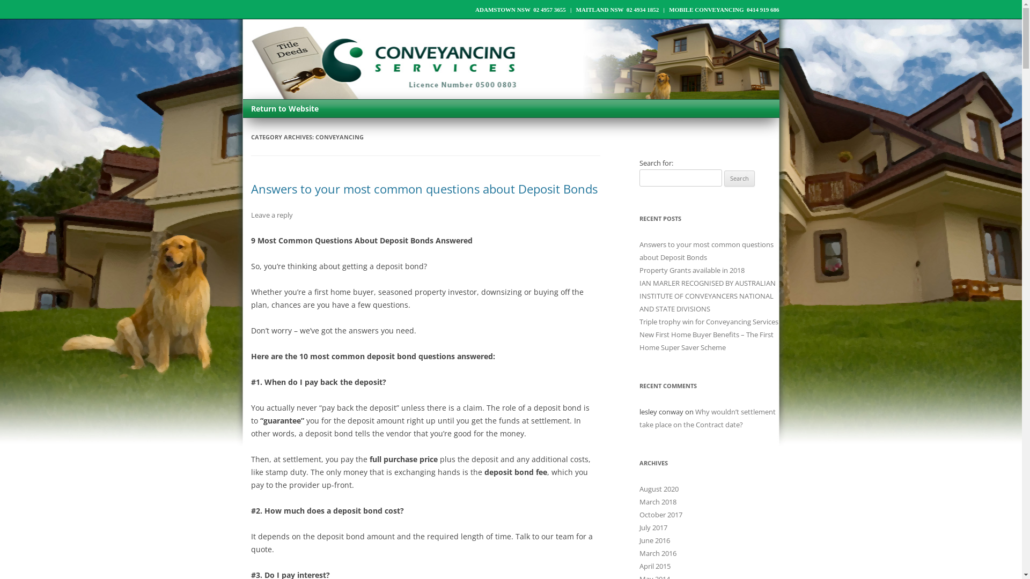 Image resolution: width=1030 pixels, height=579 pixels. I want to click on 'June 2016', so click(654, 540).